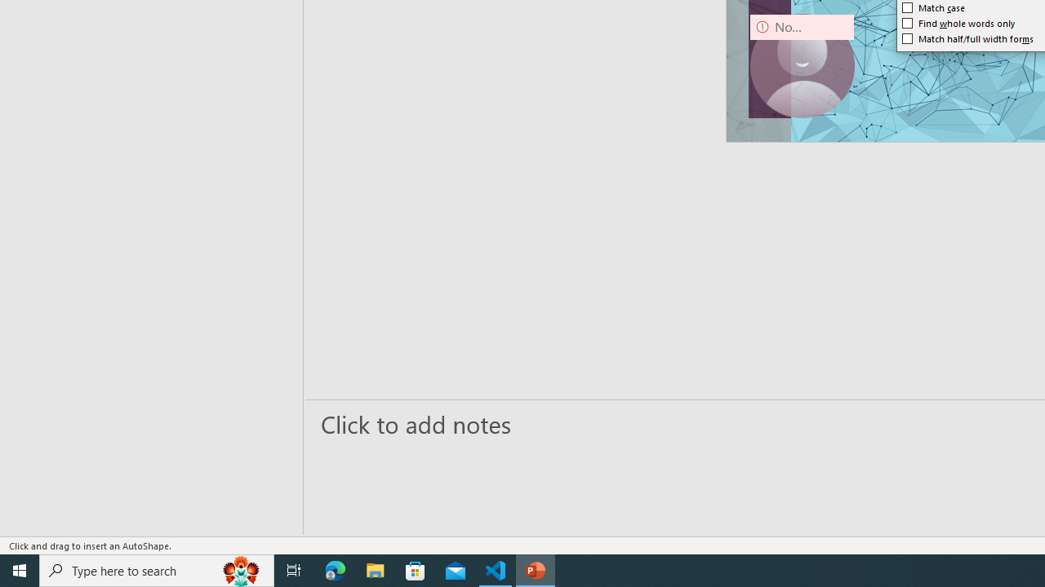  I want to click on 'Find whole words only', so click(959, 23).